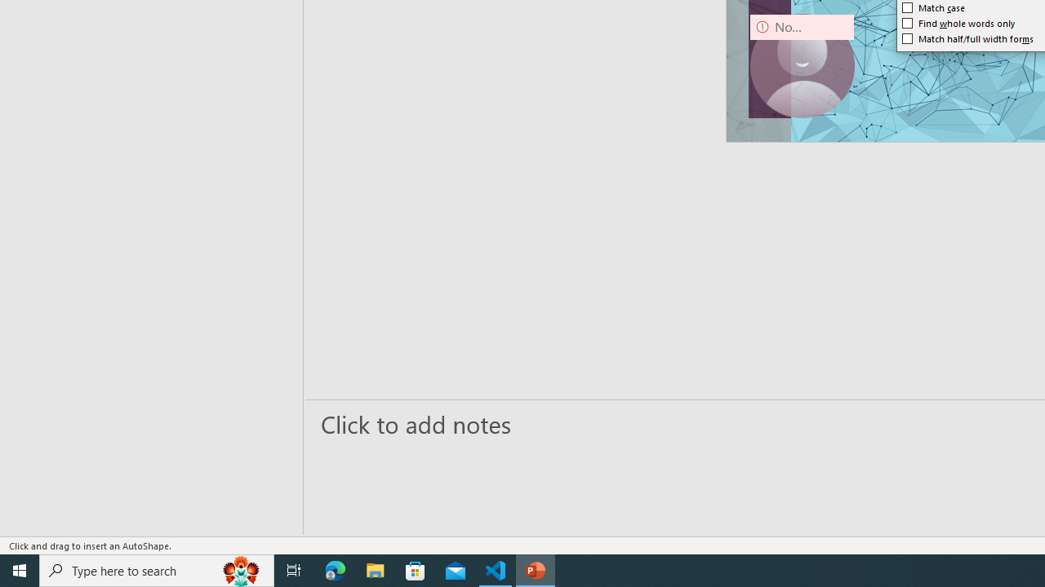  I want to click on 'Find whole words only', so click(959, 23).